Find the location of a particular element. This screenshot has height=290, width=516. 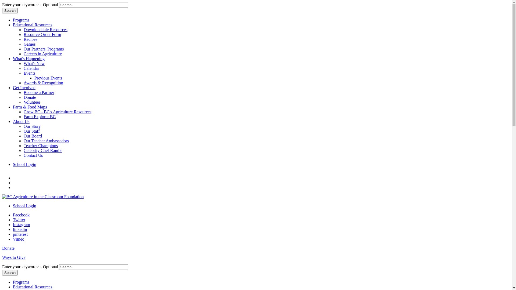

'What's Happening' is located at coordinates (28, 59).